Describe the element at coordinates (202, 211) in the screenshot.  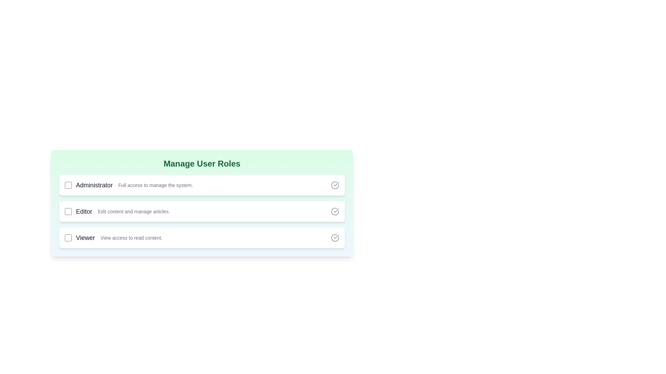
I see `the role Editor to reveal the hover effect` at that location.